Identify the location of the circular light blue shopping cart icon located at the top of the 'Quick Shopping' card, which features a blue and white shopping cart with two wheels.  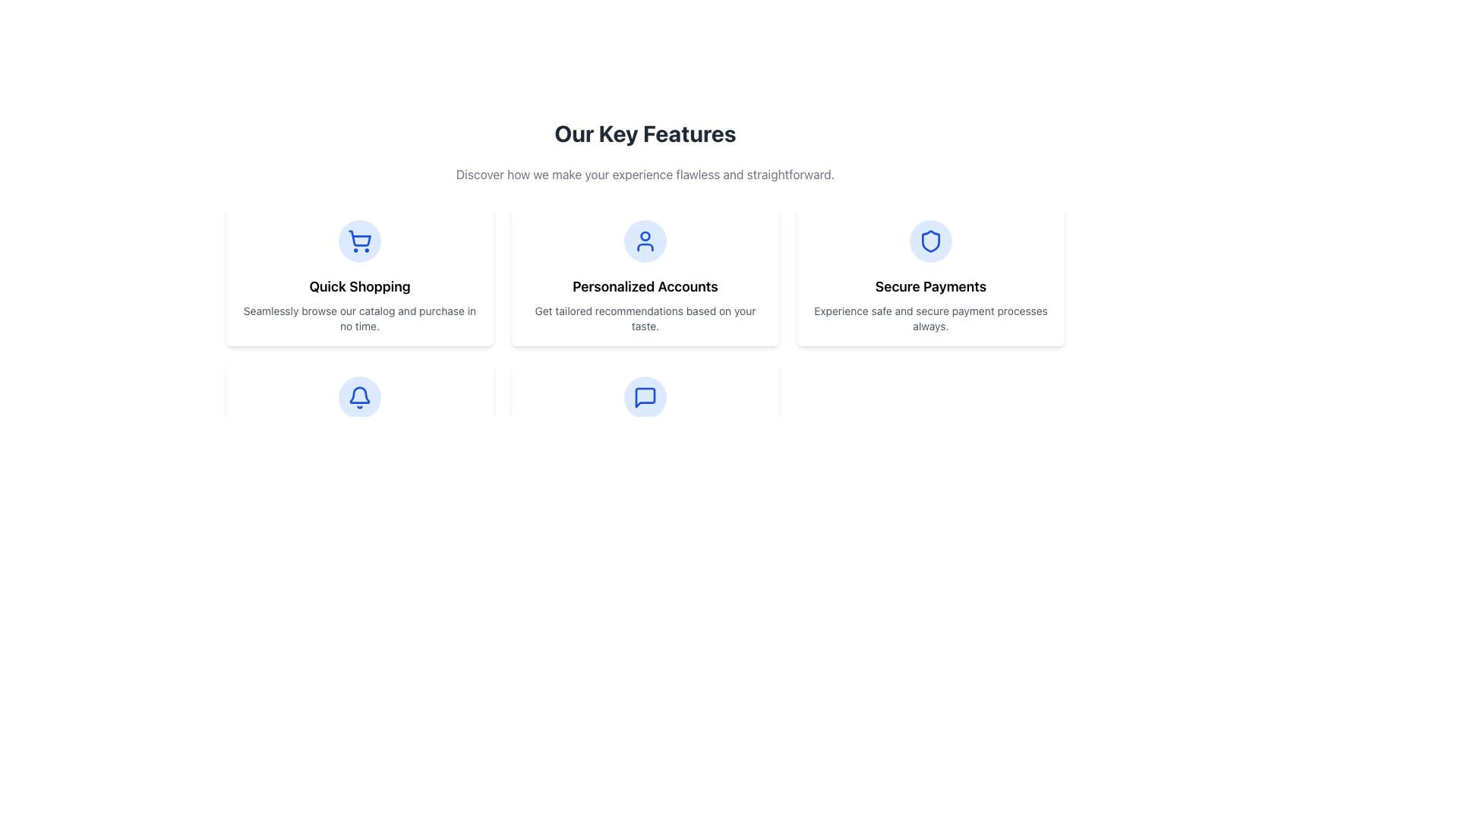
(359, 240).